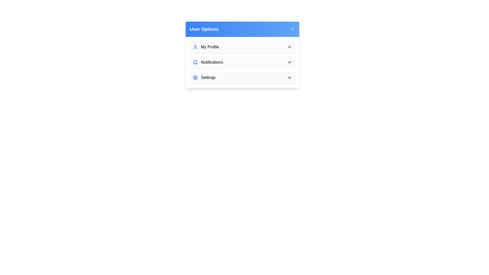  What do you see at coordinates (210, 47) in the screenshot?
I see `the text label that provides access to the user's profile section, located next to a blue user icon within the 'User Options' section` at bounding box center [210, 47].